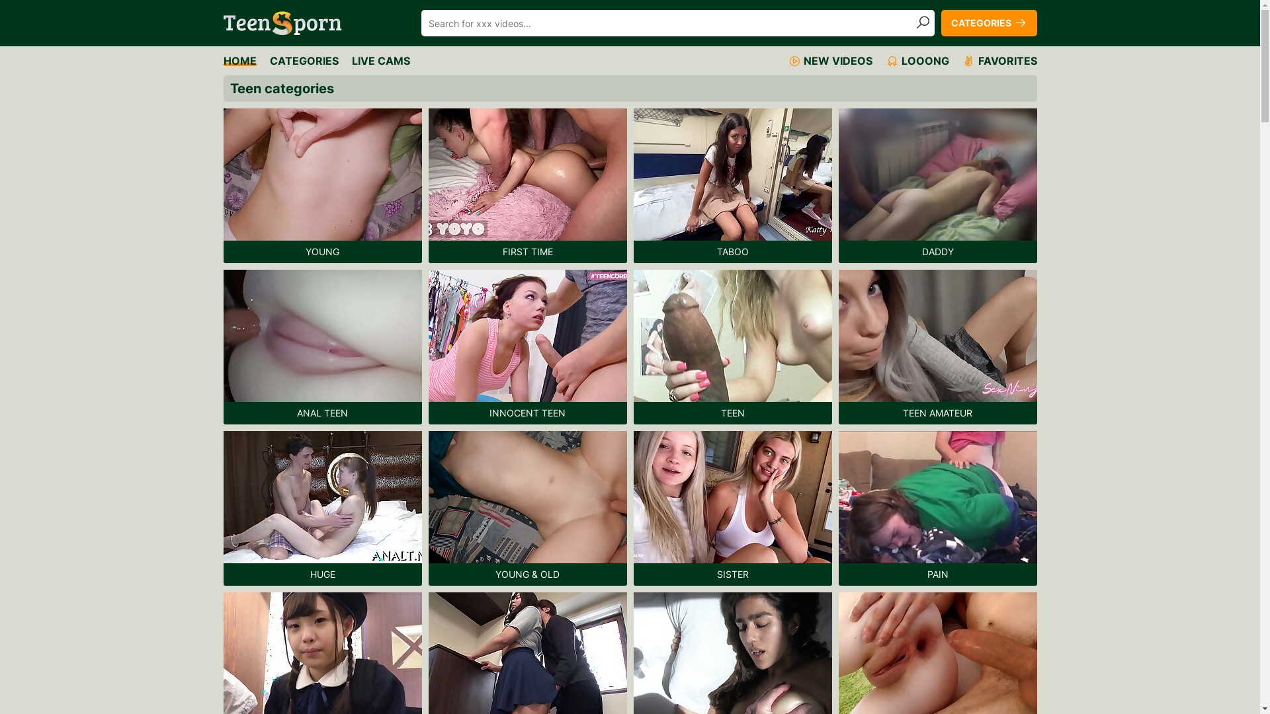  What do you see at coordinates (527, 346) in the screenshot?
I see `'INNOCENT TEEN'` at bounding box center [527, 346].